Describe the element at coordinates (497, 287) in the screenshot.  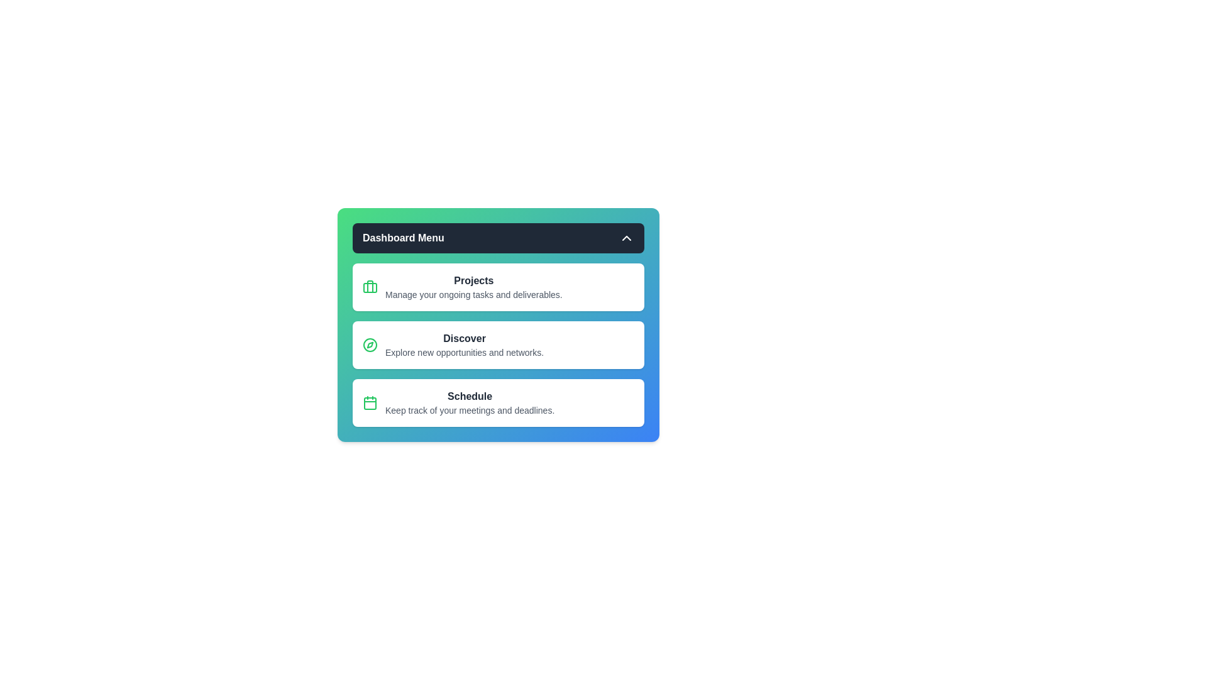
I see `the menu item Projects to observe its hover effect` at that location.